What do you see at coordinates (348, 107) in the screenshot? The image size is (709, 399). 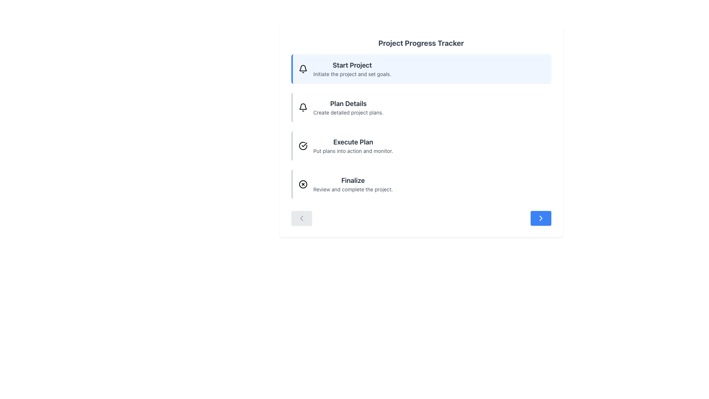 I see `the 'Plan Details' Text Display Unit, which contains the title 'Plan Details' in bold and the description 'Create detailed project plans.' in regular style, positioned centrally in the 'Project Progress Tracker' interface` at bounding box center [348, 107].